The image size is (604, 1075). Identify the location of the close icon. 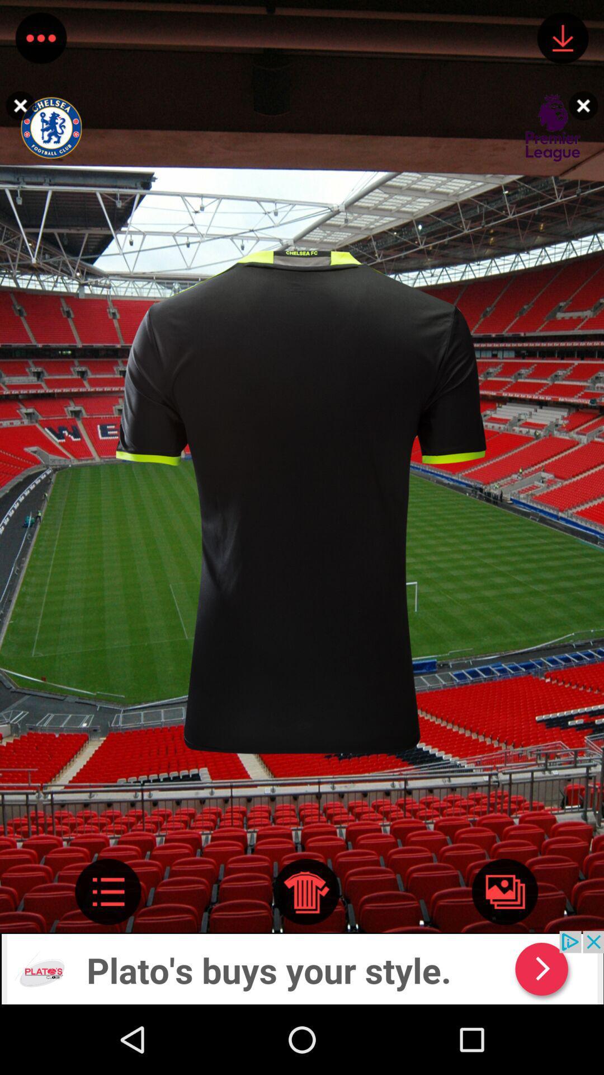
(17, 105).